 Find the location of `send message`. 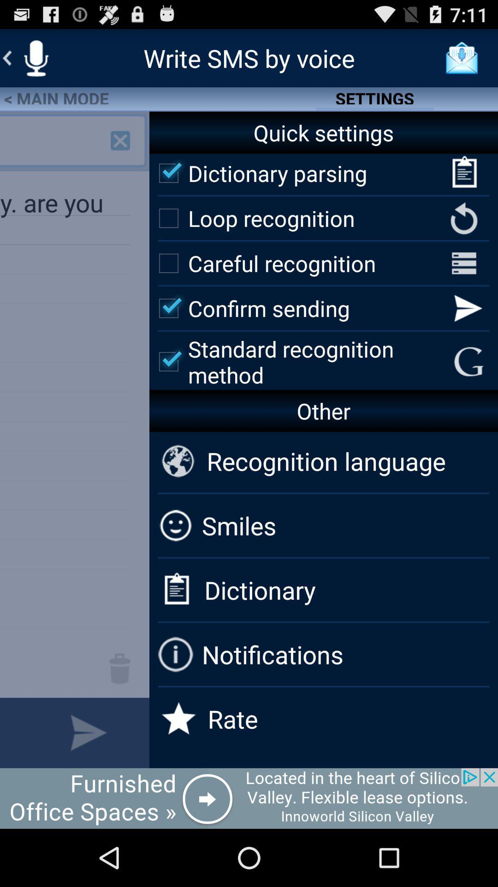

send message is located at coordinates (89, 732).